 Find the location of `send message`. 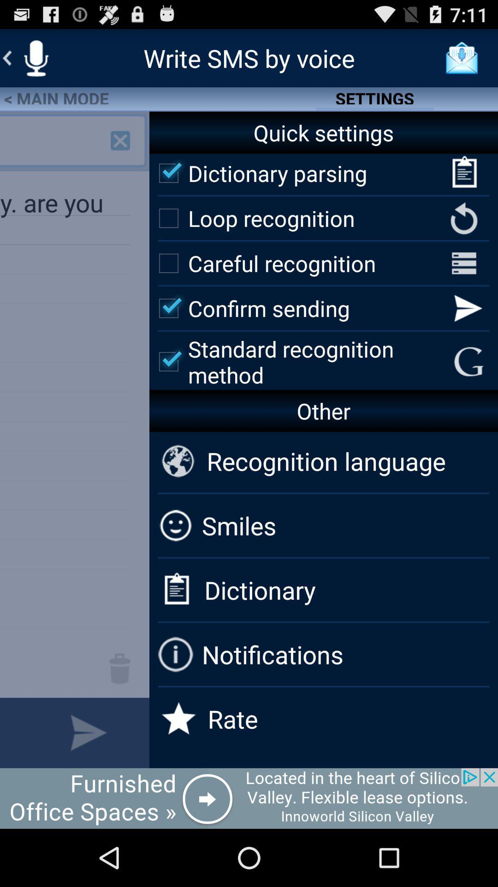

send message is located at coordinates (89, 732).